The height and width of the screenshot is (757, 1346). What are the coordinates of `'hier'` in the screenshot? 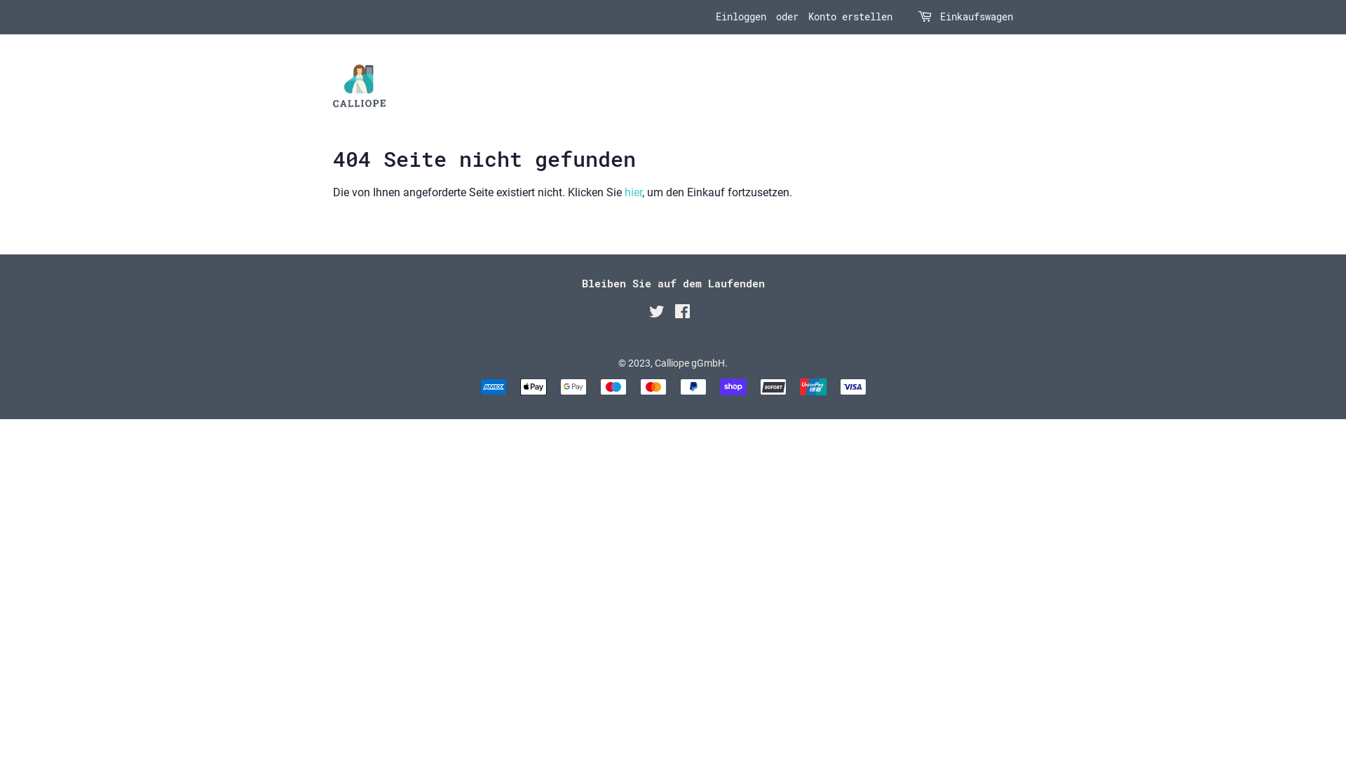 It's located at (624, 192).